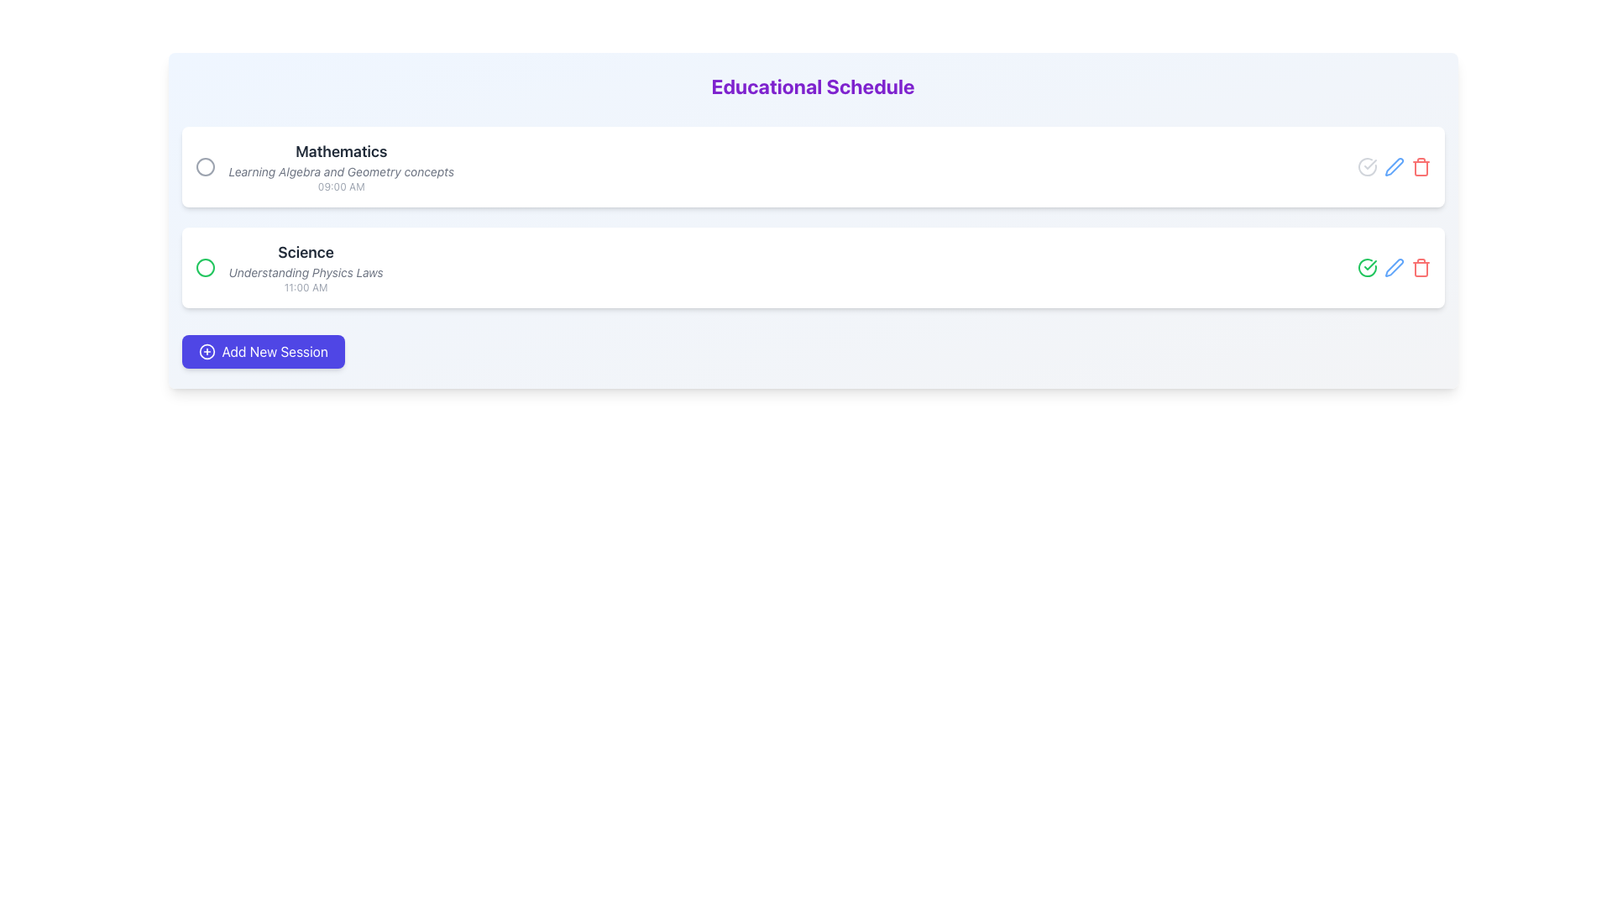 The height and width of the screenshot is (907, 1612). Describe the element at coordinates (204, 167) in the screenshot. I see `the circular icon with a hollow center, styled with a gray outline, located prominently within the 'Mathematics' section, to the left of the text content` at that location.